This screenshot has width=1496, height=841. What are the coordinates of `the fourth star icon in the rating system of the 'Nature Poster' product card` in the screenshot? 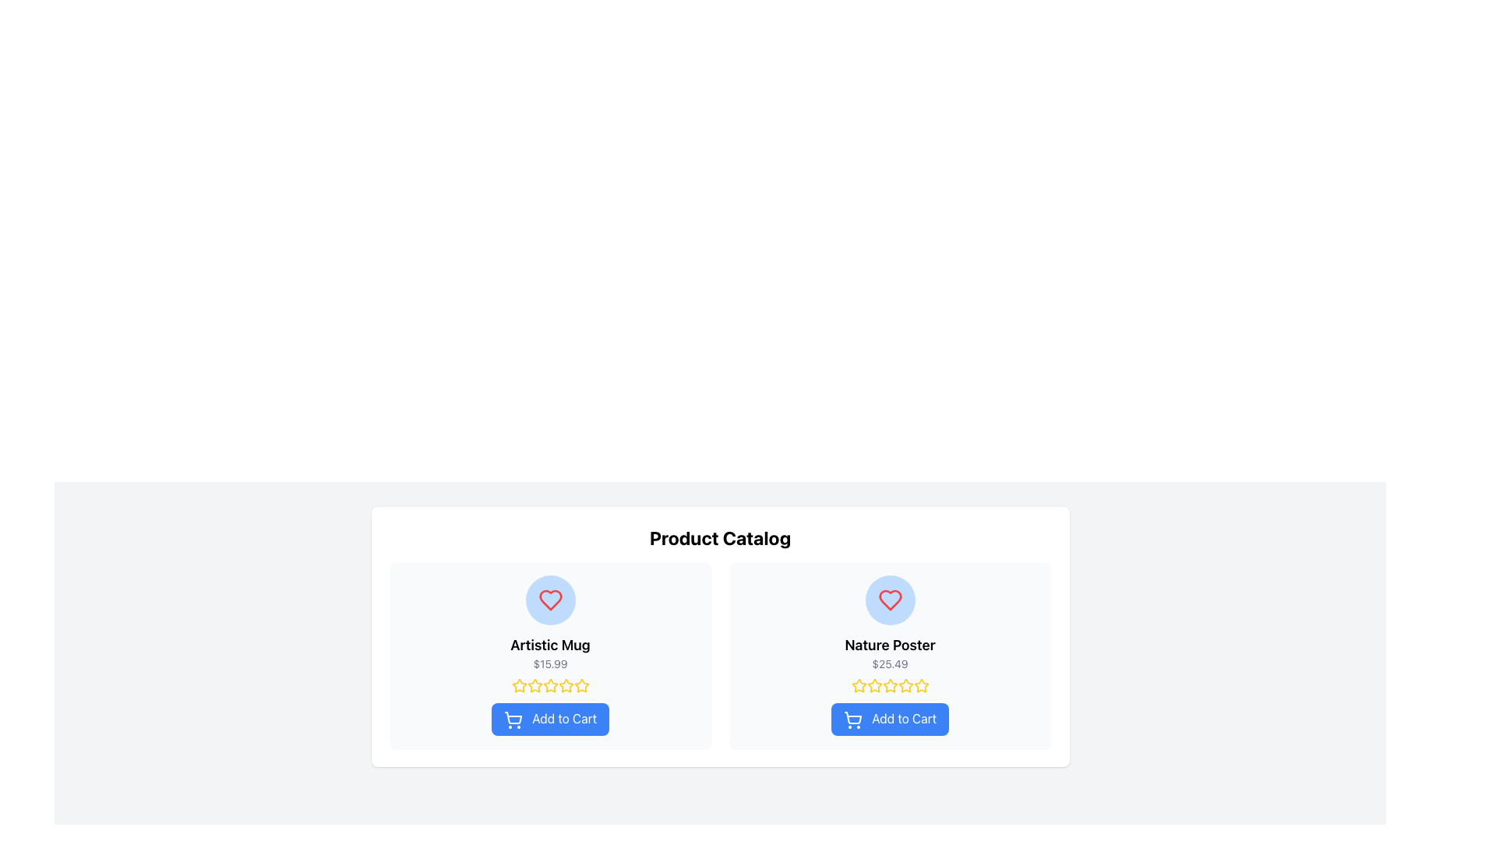 It's located at (905, 684).